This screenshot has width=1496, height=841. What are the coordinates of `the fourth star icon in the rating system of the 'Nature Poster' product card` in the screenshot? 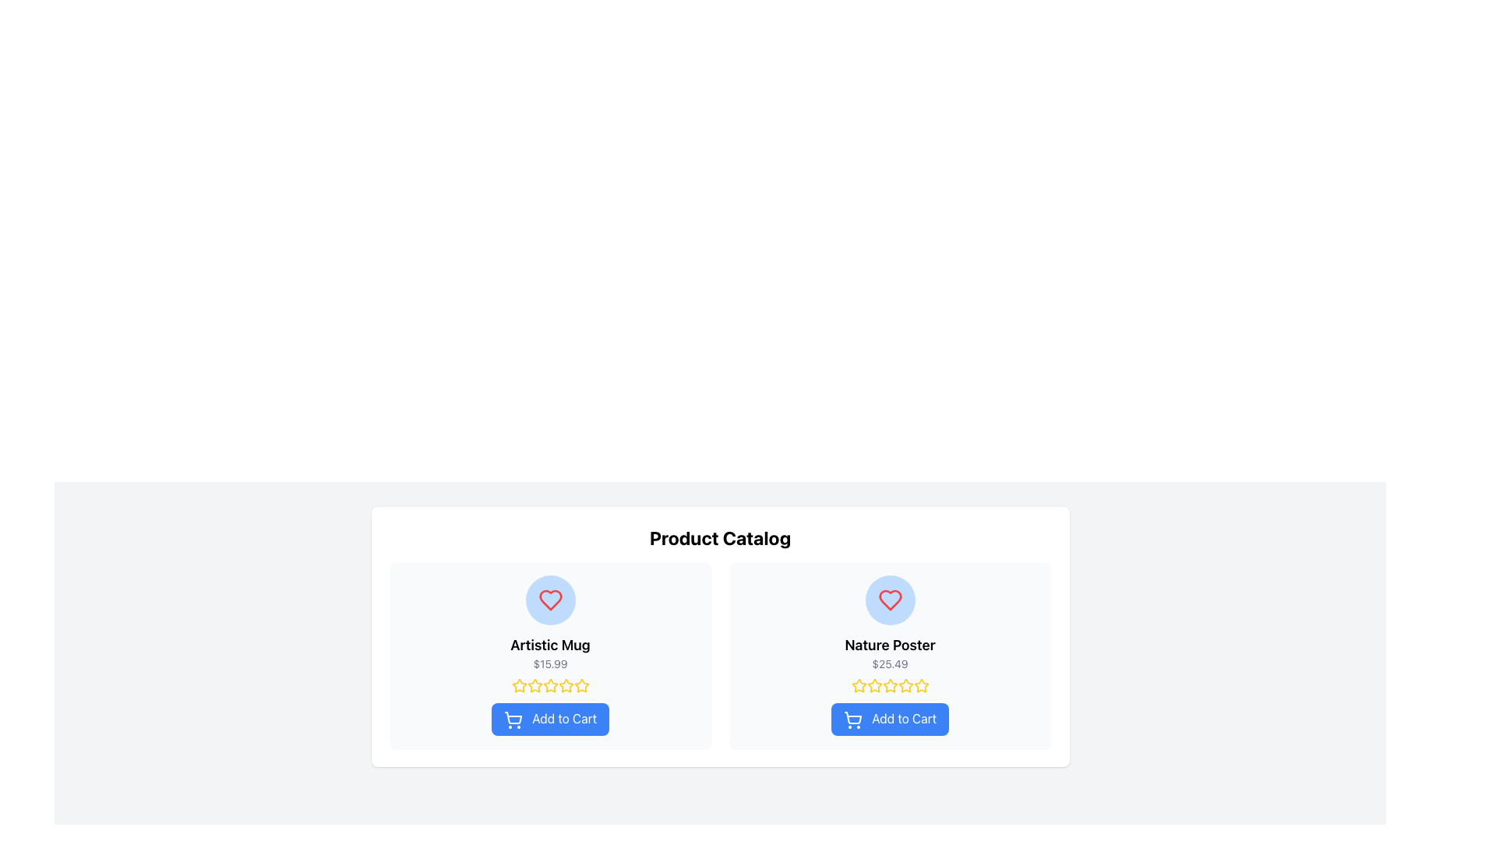 It's located at (905, 684).